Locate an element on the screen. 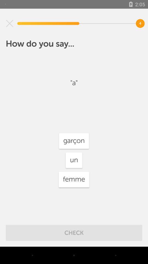  check item is located at coordinates (74, 232).